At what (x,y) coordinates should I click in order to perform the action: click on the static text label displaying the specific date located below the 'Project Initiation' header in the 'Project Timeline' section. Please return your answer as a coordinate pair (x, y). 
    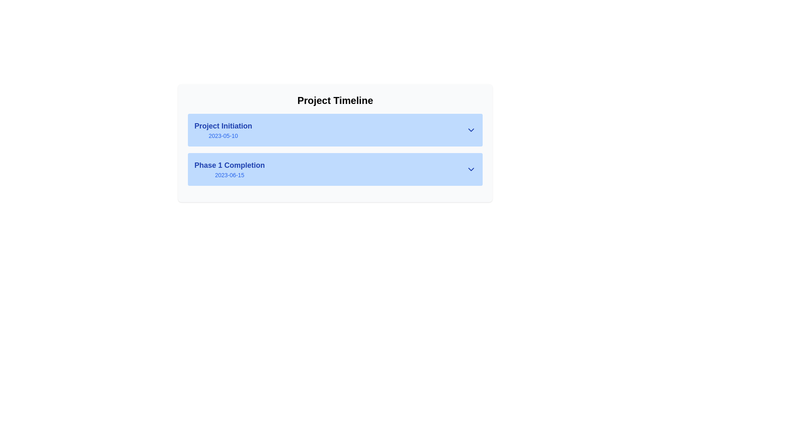
    Looking at the image, I should click on (223, 135).